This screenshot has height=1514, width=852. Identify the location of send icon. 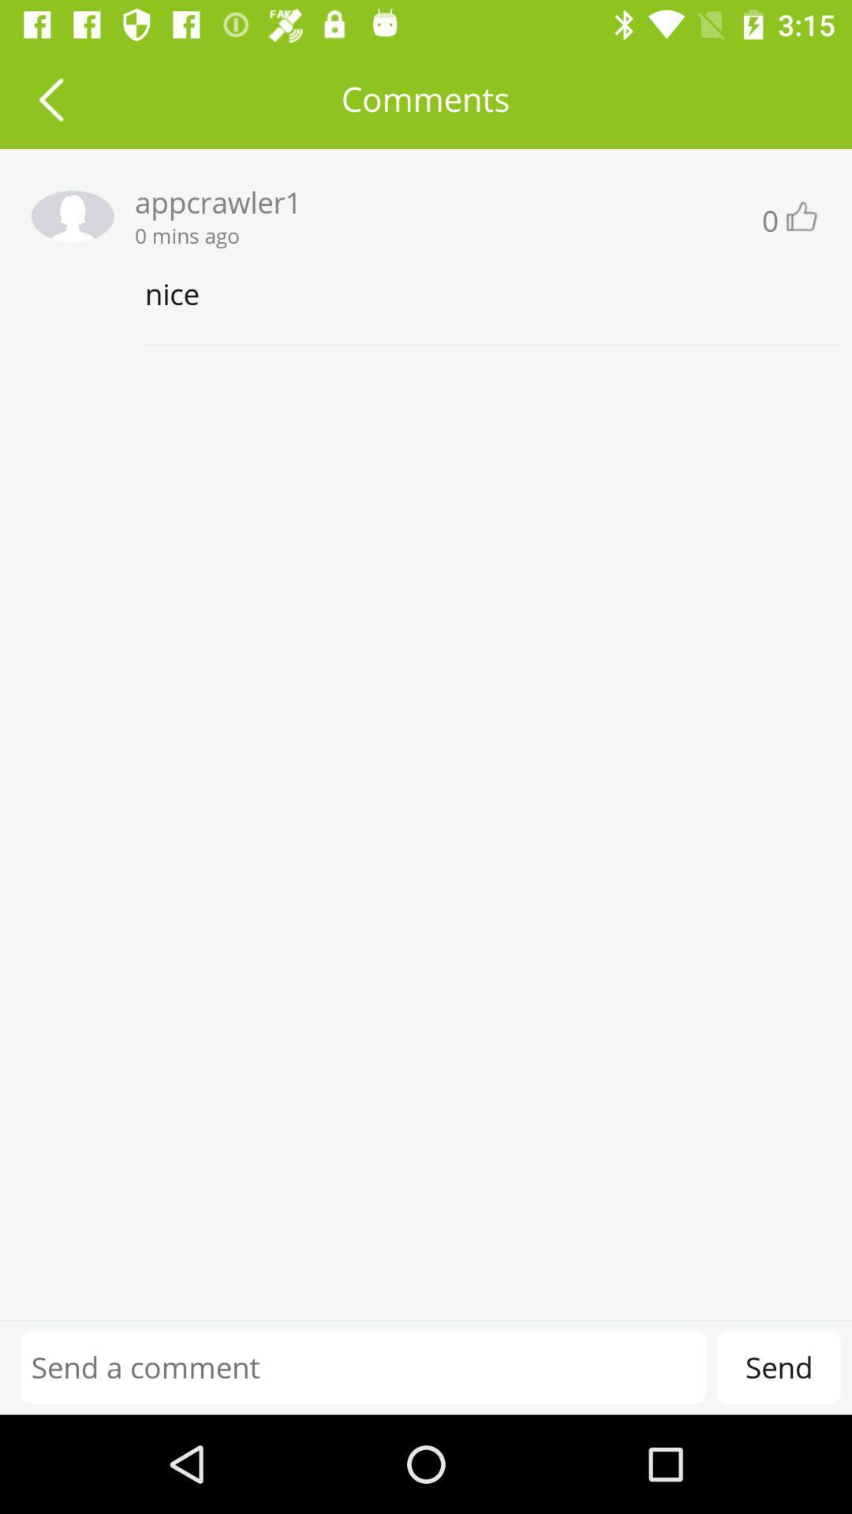
(778, 1367).